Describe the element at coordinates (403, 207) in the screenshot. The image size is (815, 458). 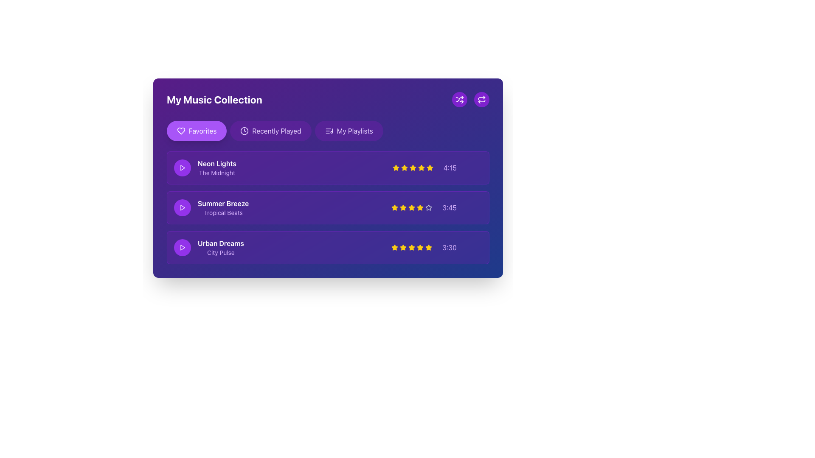
I see `the third yellow star icon in the rating system for the song 'Summer Breeze' by 'Tropical Beats'` at that location.